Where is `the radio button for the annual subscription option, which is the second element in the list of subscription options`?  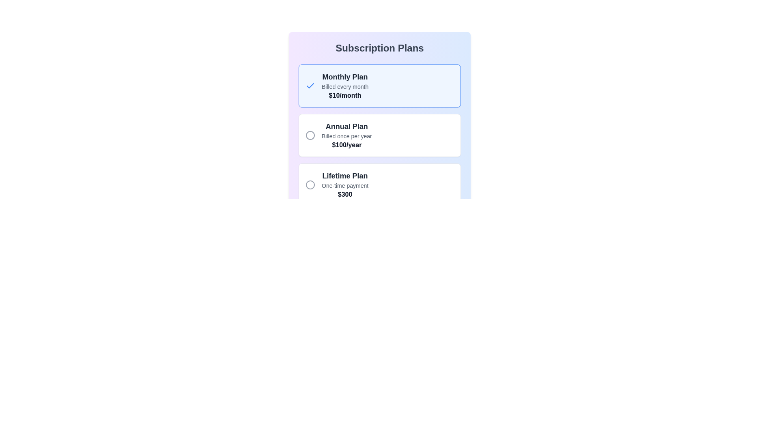 the radio button for the annual subscription option, which is the second element in the list of subscription options is located at coordinates (379, 135).